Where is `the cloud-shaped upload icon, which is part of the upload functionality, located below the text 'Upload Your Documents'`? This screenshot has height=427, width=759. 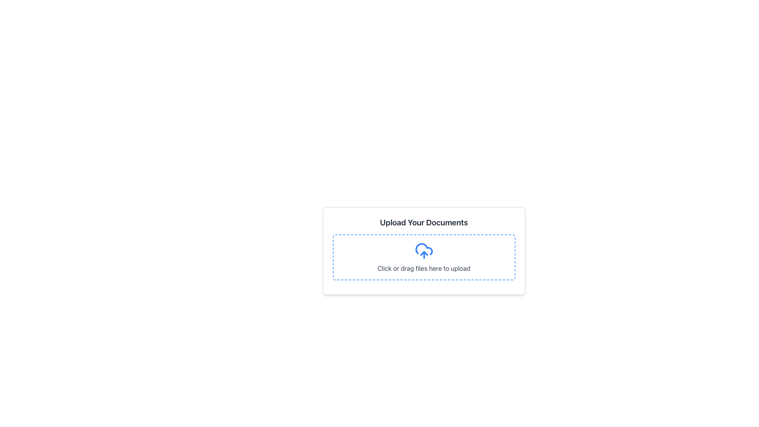
the cloud-shaped upload icon, which is part of the upload functionality, located below the text 'Upload Your Documents' is located at coordinates (423, 249).